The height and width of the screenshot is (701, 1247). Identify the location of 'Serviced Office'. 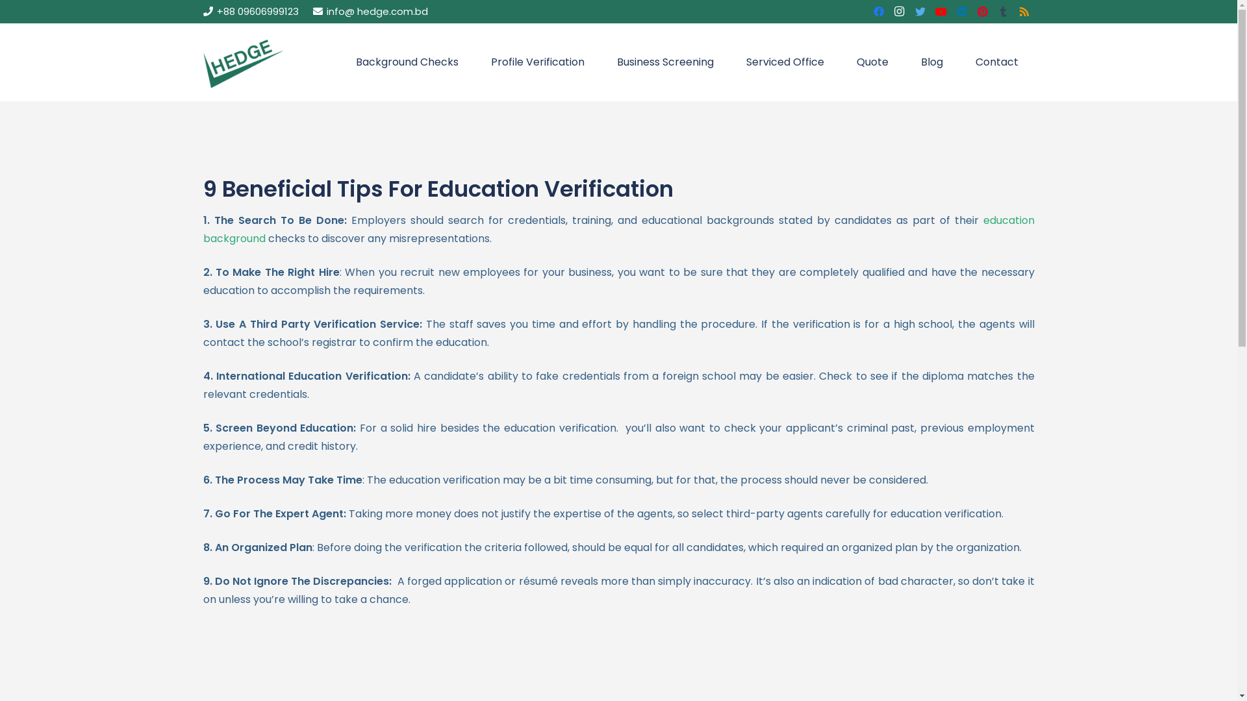
(785, 62).